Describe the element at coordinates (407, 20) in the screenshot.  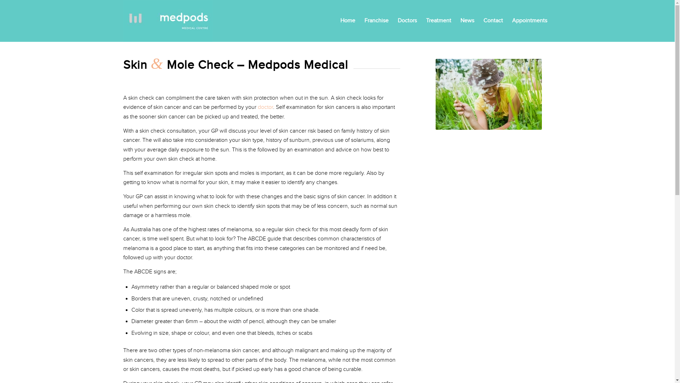
I see `'Doctors'` at that location.